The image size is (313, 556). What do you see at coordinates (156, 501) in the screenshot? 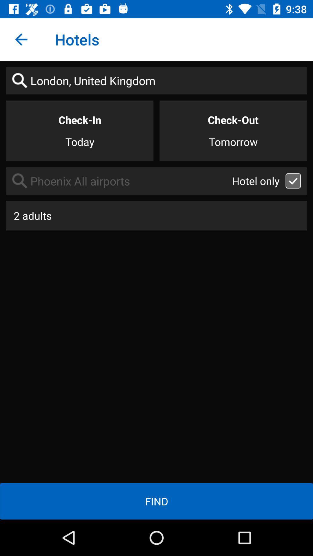
I see `the find` at bounding box center [156, 501].